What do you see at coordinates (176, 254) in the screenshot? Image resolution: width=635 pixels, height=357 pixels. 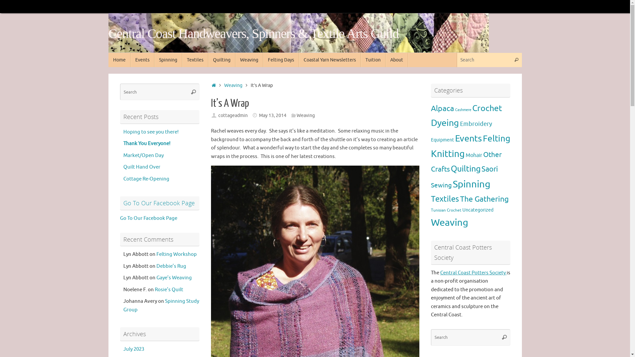 I see `'Felting Workshop'` at bounding box center [176, 254].